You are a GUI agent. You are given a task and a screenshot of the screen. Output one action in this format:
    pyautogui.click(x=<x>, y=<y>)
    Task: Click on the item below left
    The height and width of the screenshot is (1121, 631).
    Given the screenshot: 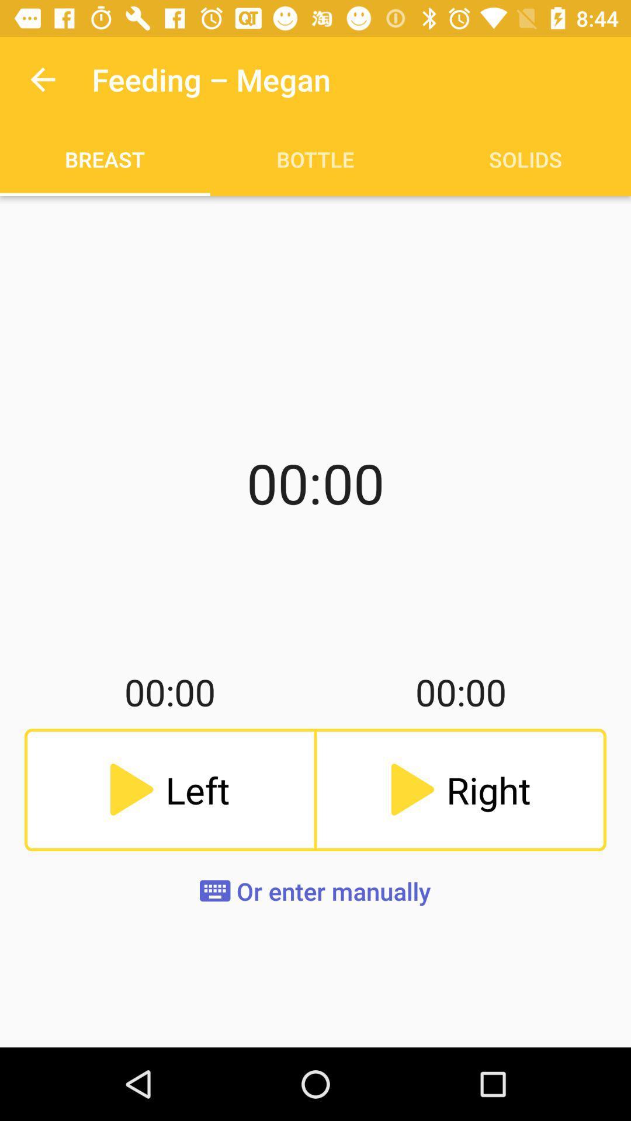 What is the action you would take?
    pyautogui.click(x=314, y=890)
    